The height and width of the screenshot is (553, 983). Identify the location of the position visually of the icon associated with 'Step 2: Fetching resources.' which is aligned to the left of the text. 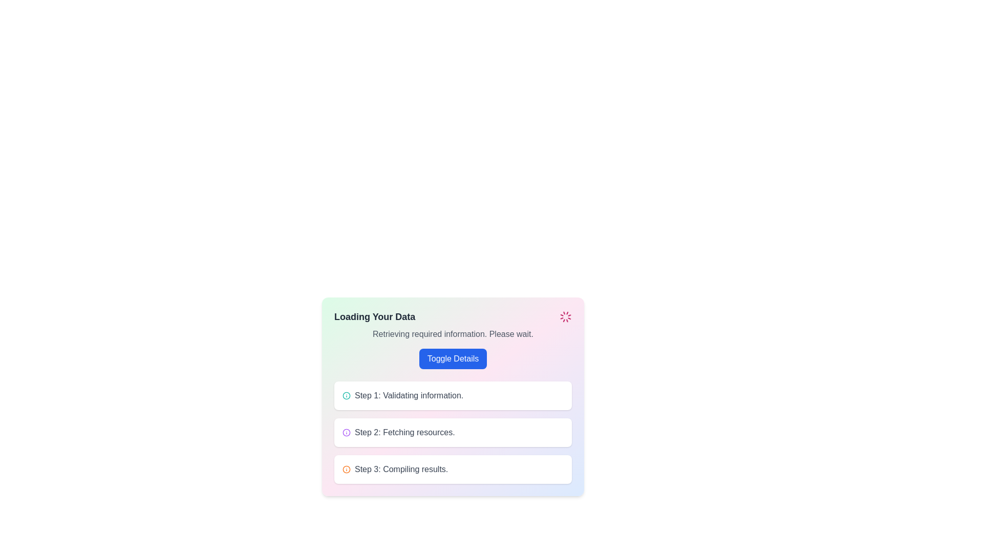
(346, 432).